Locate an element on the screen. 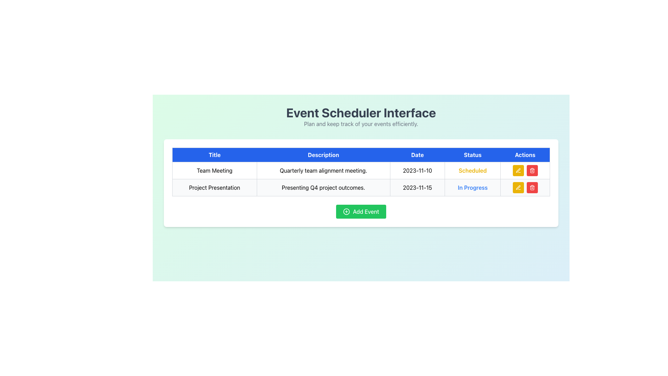 The width and height of the screenshot is (668, 376). the static text label indicating the title of the 'Team Meeting' event in the scheduling table, located in the leftmost column under the 'Title' header is located at coordinates (214, 170).